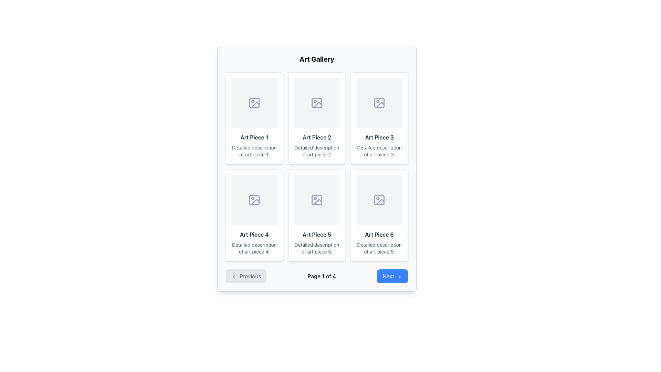 Image resolution: width=661 pixels, height=372 pixels. I want to click on static text label displaying the title of the art piece located at the bottom-center of the card in the second row and first column of the grid, so click(254, 234).